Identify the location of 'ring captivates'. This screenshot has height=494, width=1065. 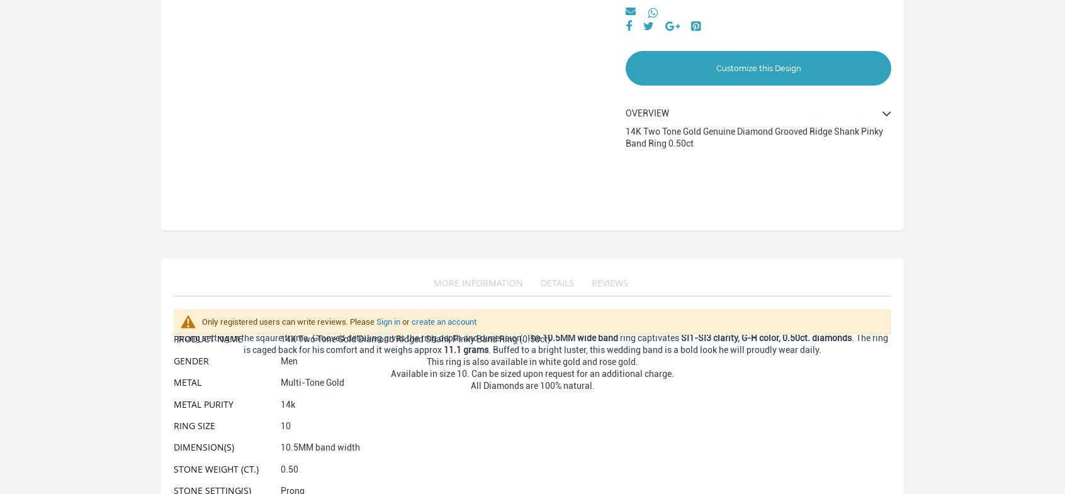
(648, 338).